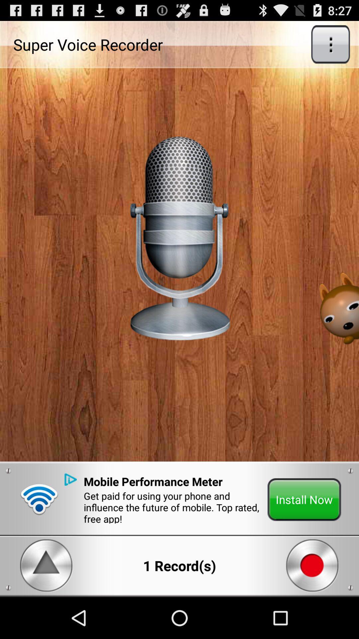 Image resolution: width=359 pixels, height=639 pixels. Describe the element at coordinates (330, 47) in the screenshot. I see `the more icon` at that location.